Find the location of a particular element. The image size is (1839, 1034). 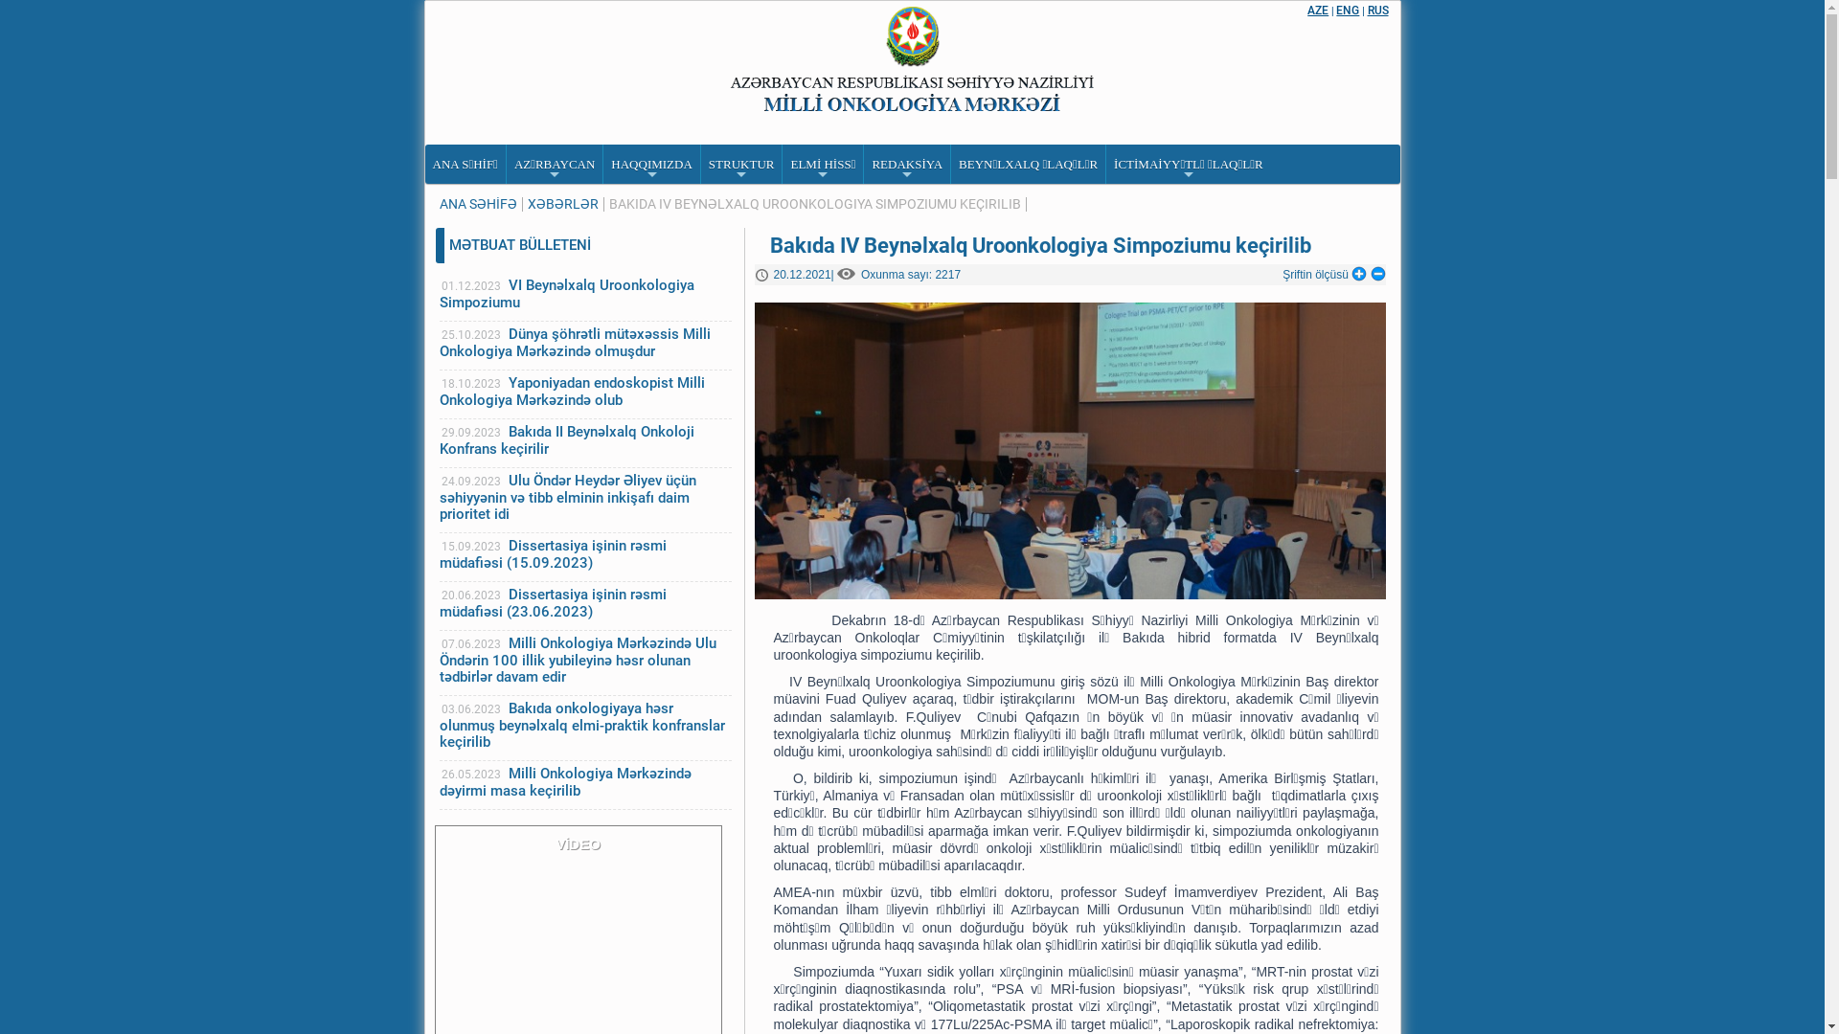

'ENG' is located at coordinates (1346, 11).